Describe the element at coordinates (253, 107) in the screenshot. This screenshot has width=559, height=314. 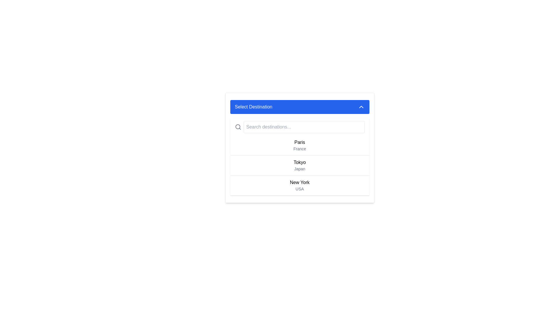
I see `text from the 'Select Destination' label, which is a bright blue rectangular header with white text, located at the top of a drop-down menu` at that location.